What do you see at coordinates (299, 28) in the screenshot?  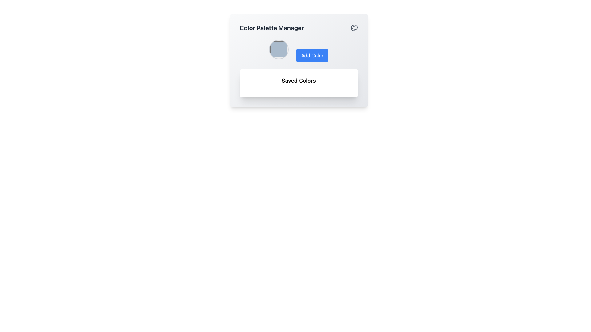 I see `the header text and image icon that identifies the 'Color Palette Manager' functionality, which is located at the top section of a card-style UI component` at bounding box center [299, 28].